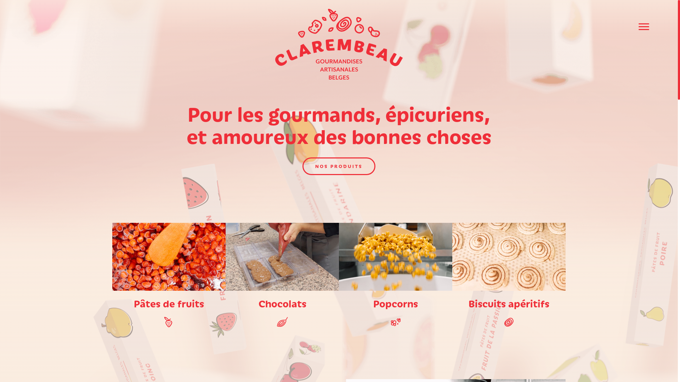  I want to click on 'Toggle navigation', so click(644, 26).